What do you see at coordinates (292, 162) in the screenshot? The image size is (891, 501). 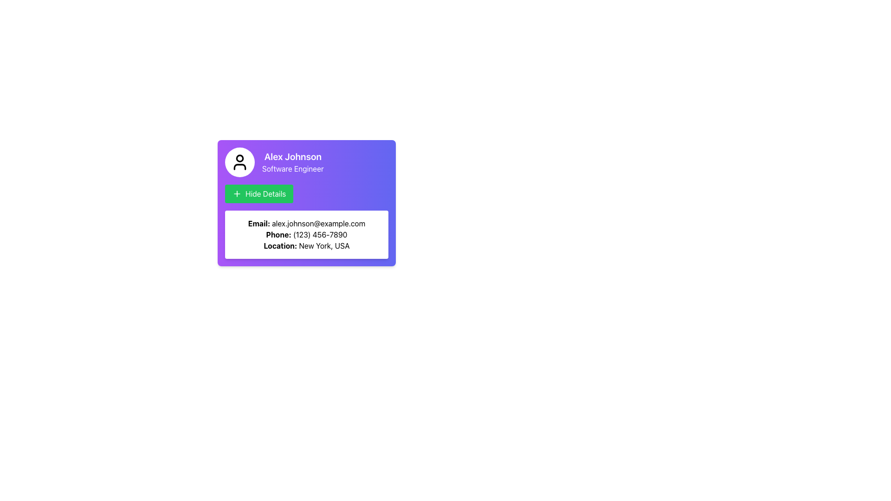 I see `the text block displaying 'Alex Johnson' and 'Software Engineer' on a purple background, located to the right of a circular avatar icon and above a green button labeled 'Hide Details'` at bounding box center [292, 162].